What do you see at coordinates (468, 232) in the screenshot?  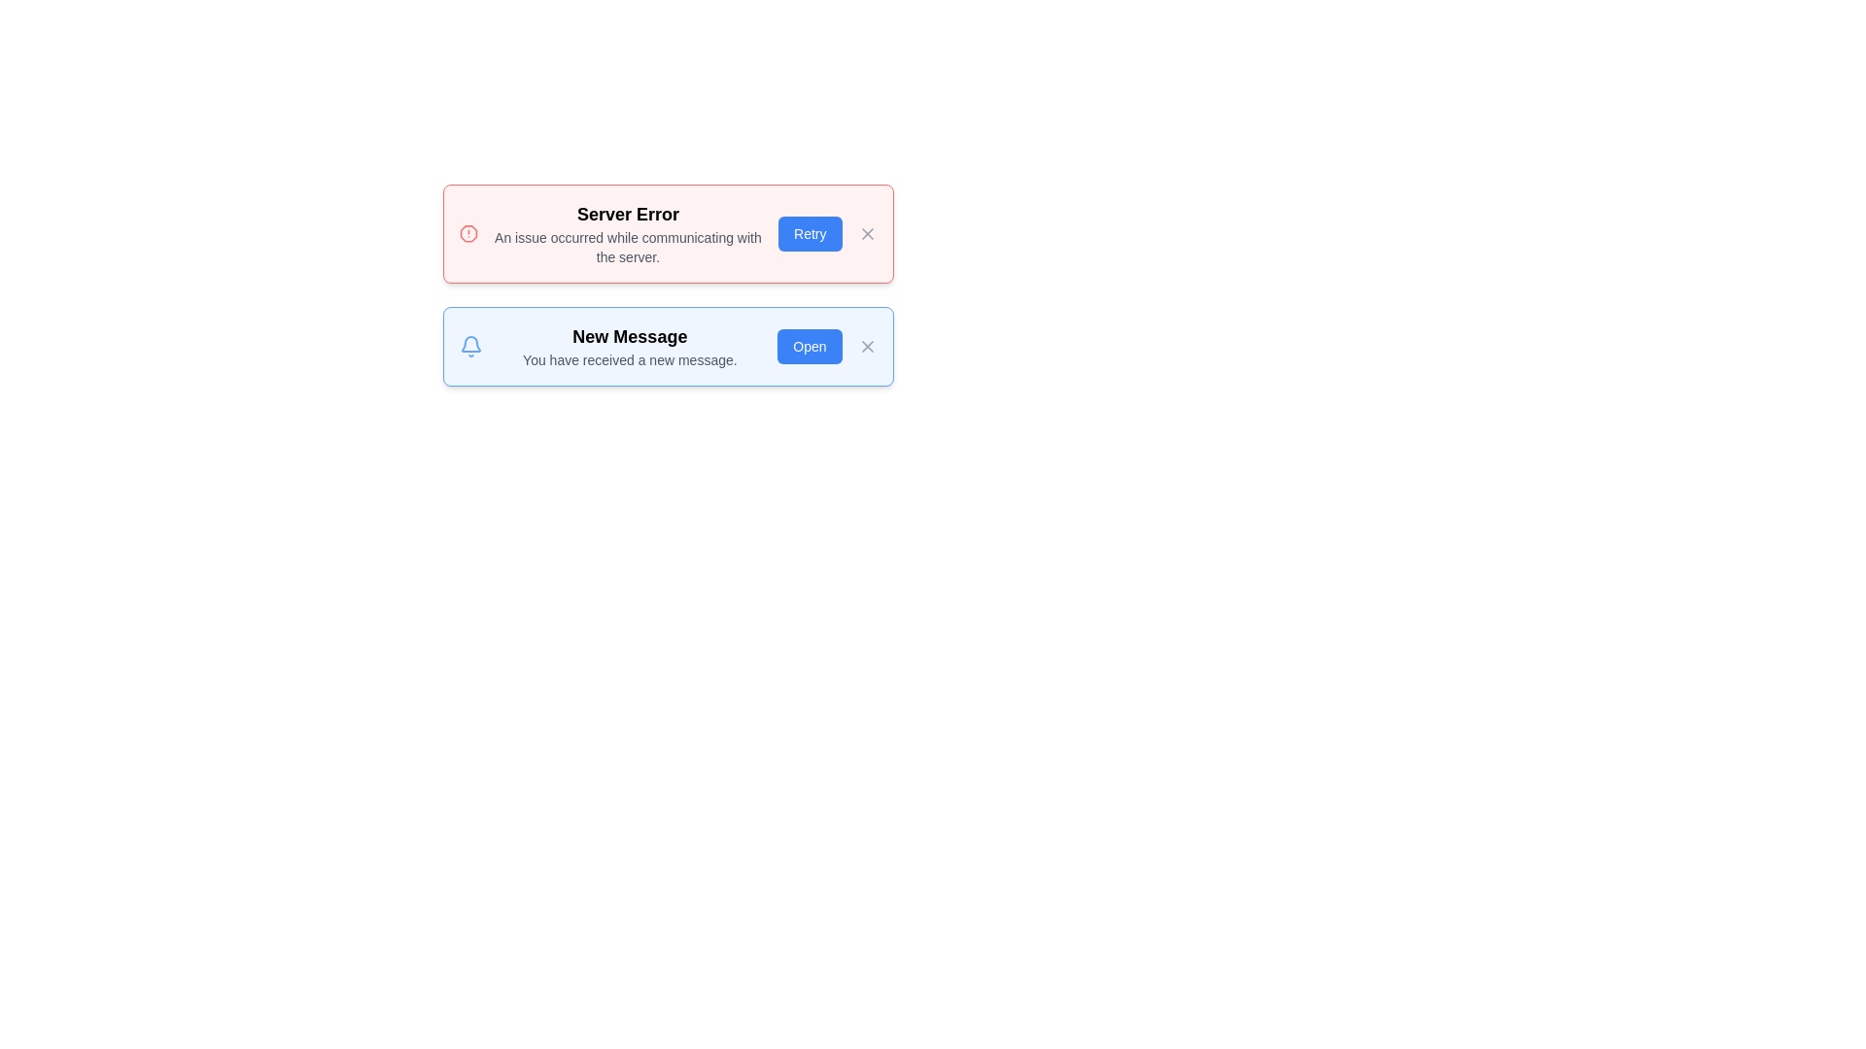 I see `the warning icon located on the left side of the 'Server Error' message group, adjacent to the text 'Server Error' and 'An issue occurred while communicating with the server.'` at bounding box center [468, 232].